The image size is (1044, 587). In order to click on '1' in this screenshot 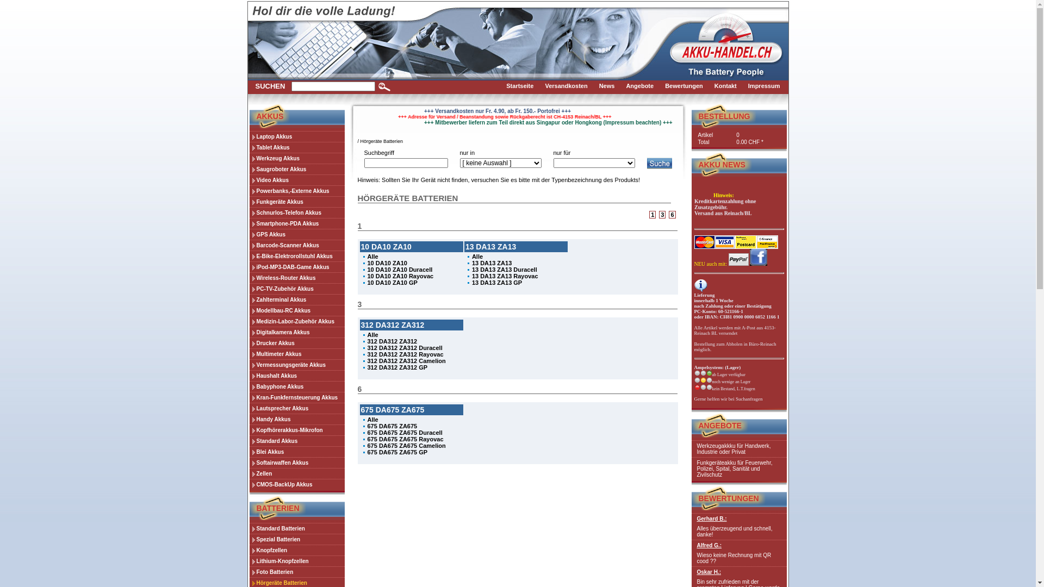, I will do `click(652, 214)`.